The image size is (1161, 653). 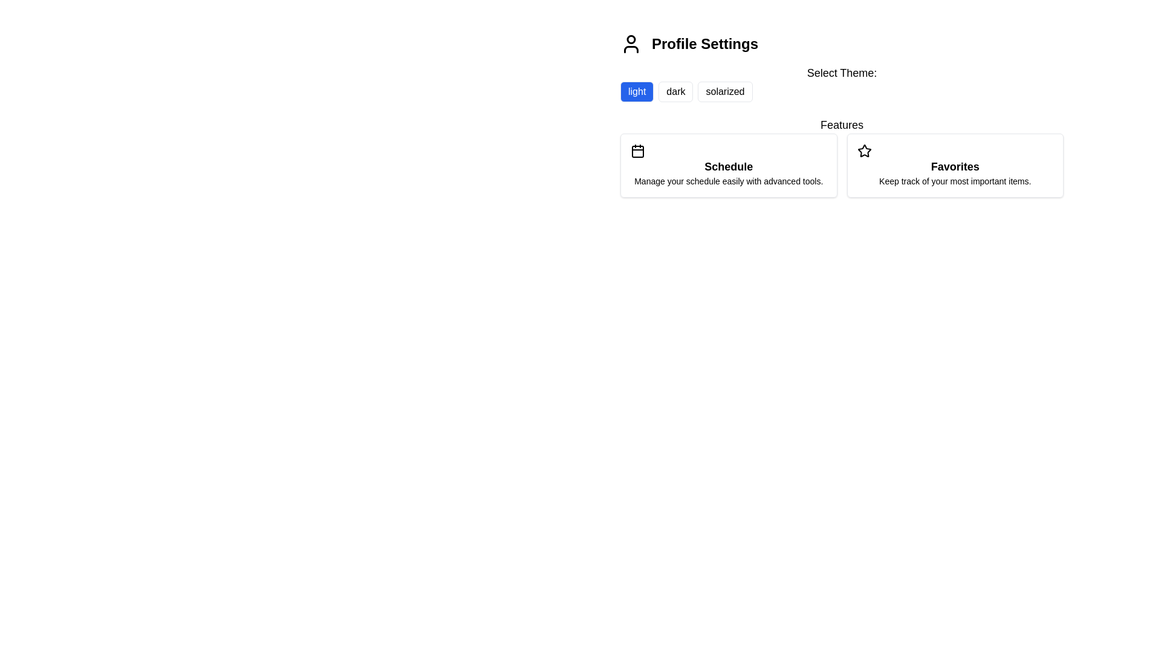 What do you see at coordinates (727, 165) in the screenshot?
I see `the 'Schedule' informational card located in the left column of the card grid layout` at bounding box center [727, 165].